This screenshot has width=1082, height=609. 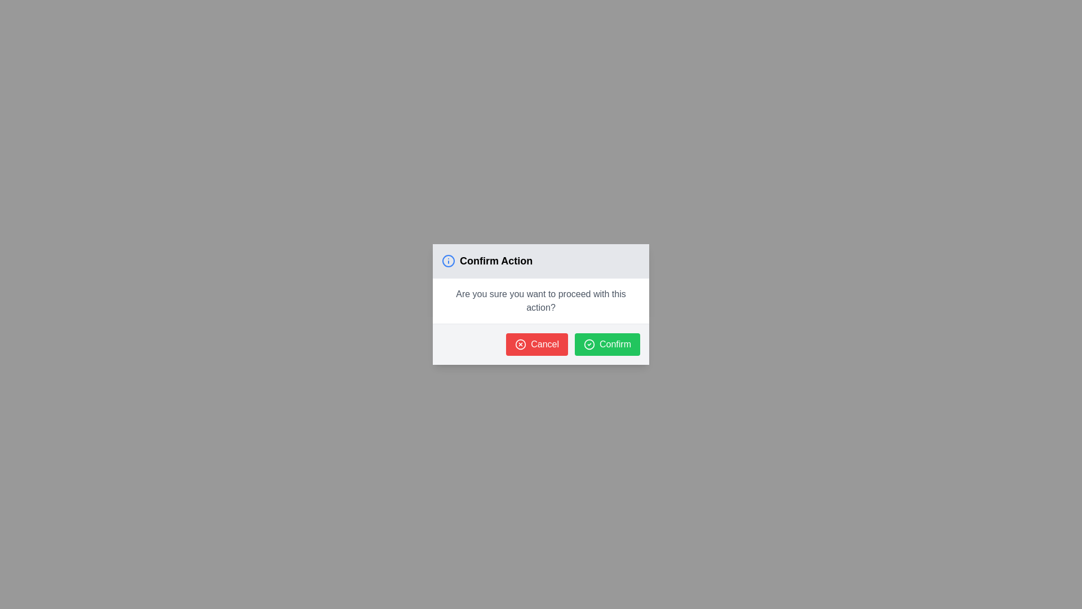 What do you see at coordinates (541, 300) in the screenshot?
I see `the informational text label in the confirmation dialog that provides details about the action to confirm or cancel` at bounding box center [541, 300].